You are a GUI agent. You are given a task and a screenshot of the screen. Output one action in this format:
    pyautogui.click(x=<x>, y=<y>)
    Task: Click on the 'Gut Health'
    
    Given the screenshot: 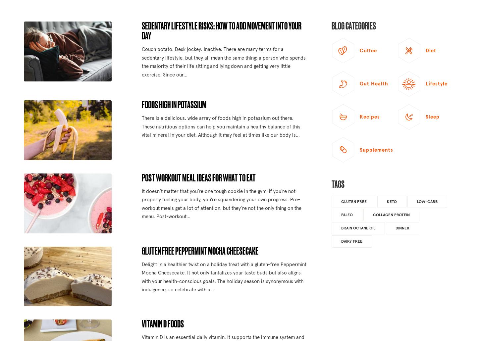 What is the action you would take?
    pyautogui.click(x=373, y=84)
    